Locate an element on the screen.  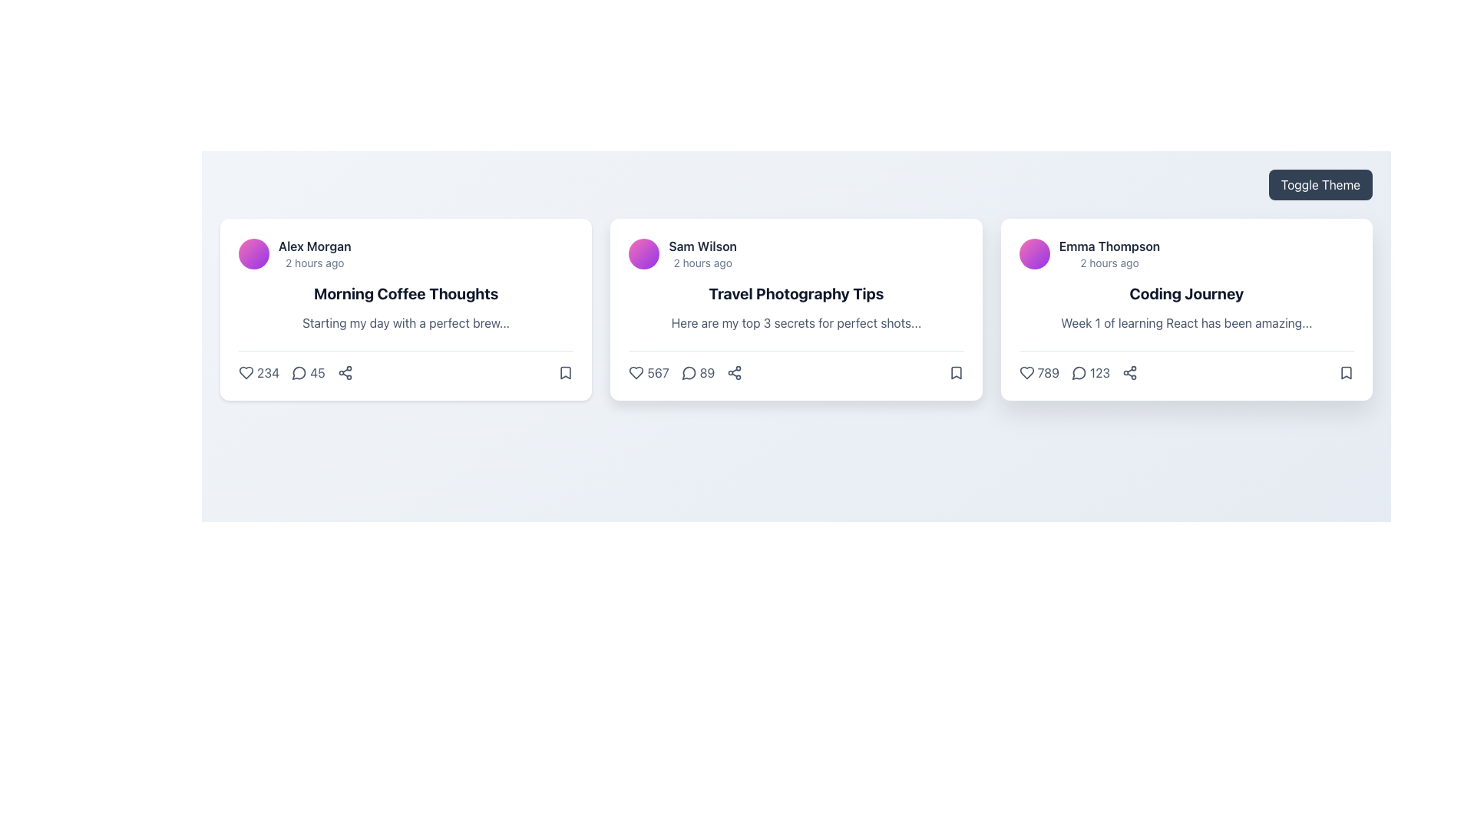
the heart SVG element that indicates the option to like or favorite the content, located on the leftmost side of the interactive icons at the bottom of the first content card is located at coordinates (246, 373).